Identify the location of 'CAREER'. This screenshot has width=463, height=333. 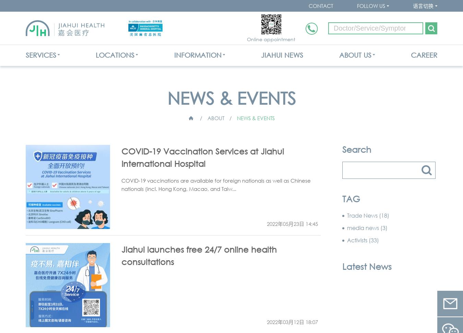
(423, 55).